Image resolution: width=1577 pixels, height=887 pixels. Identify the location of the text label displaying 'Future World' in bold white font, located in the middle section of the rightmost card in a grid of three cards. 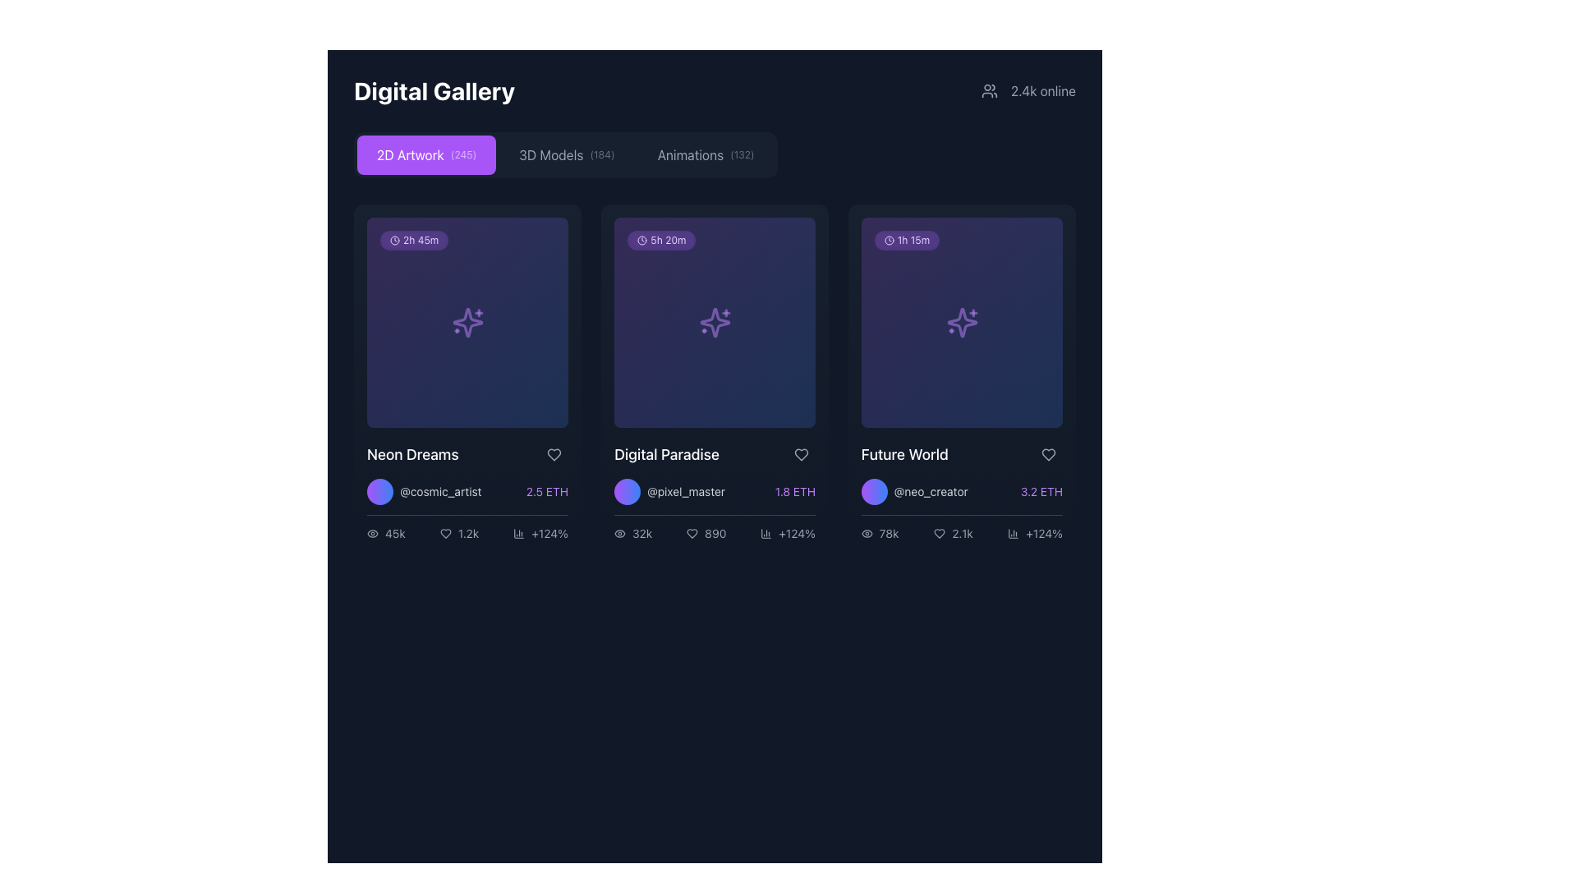
(904, 455).